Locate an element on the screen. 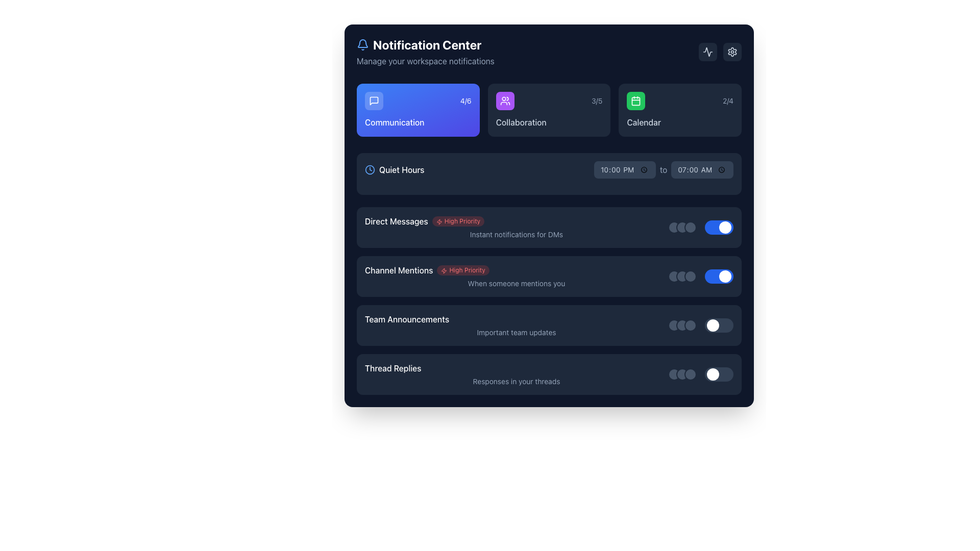 The height and width of the screenshot is (551, 980). the text label displaying 'Team Announcements' is located at coordinates (406, 318).